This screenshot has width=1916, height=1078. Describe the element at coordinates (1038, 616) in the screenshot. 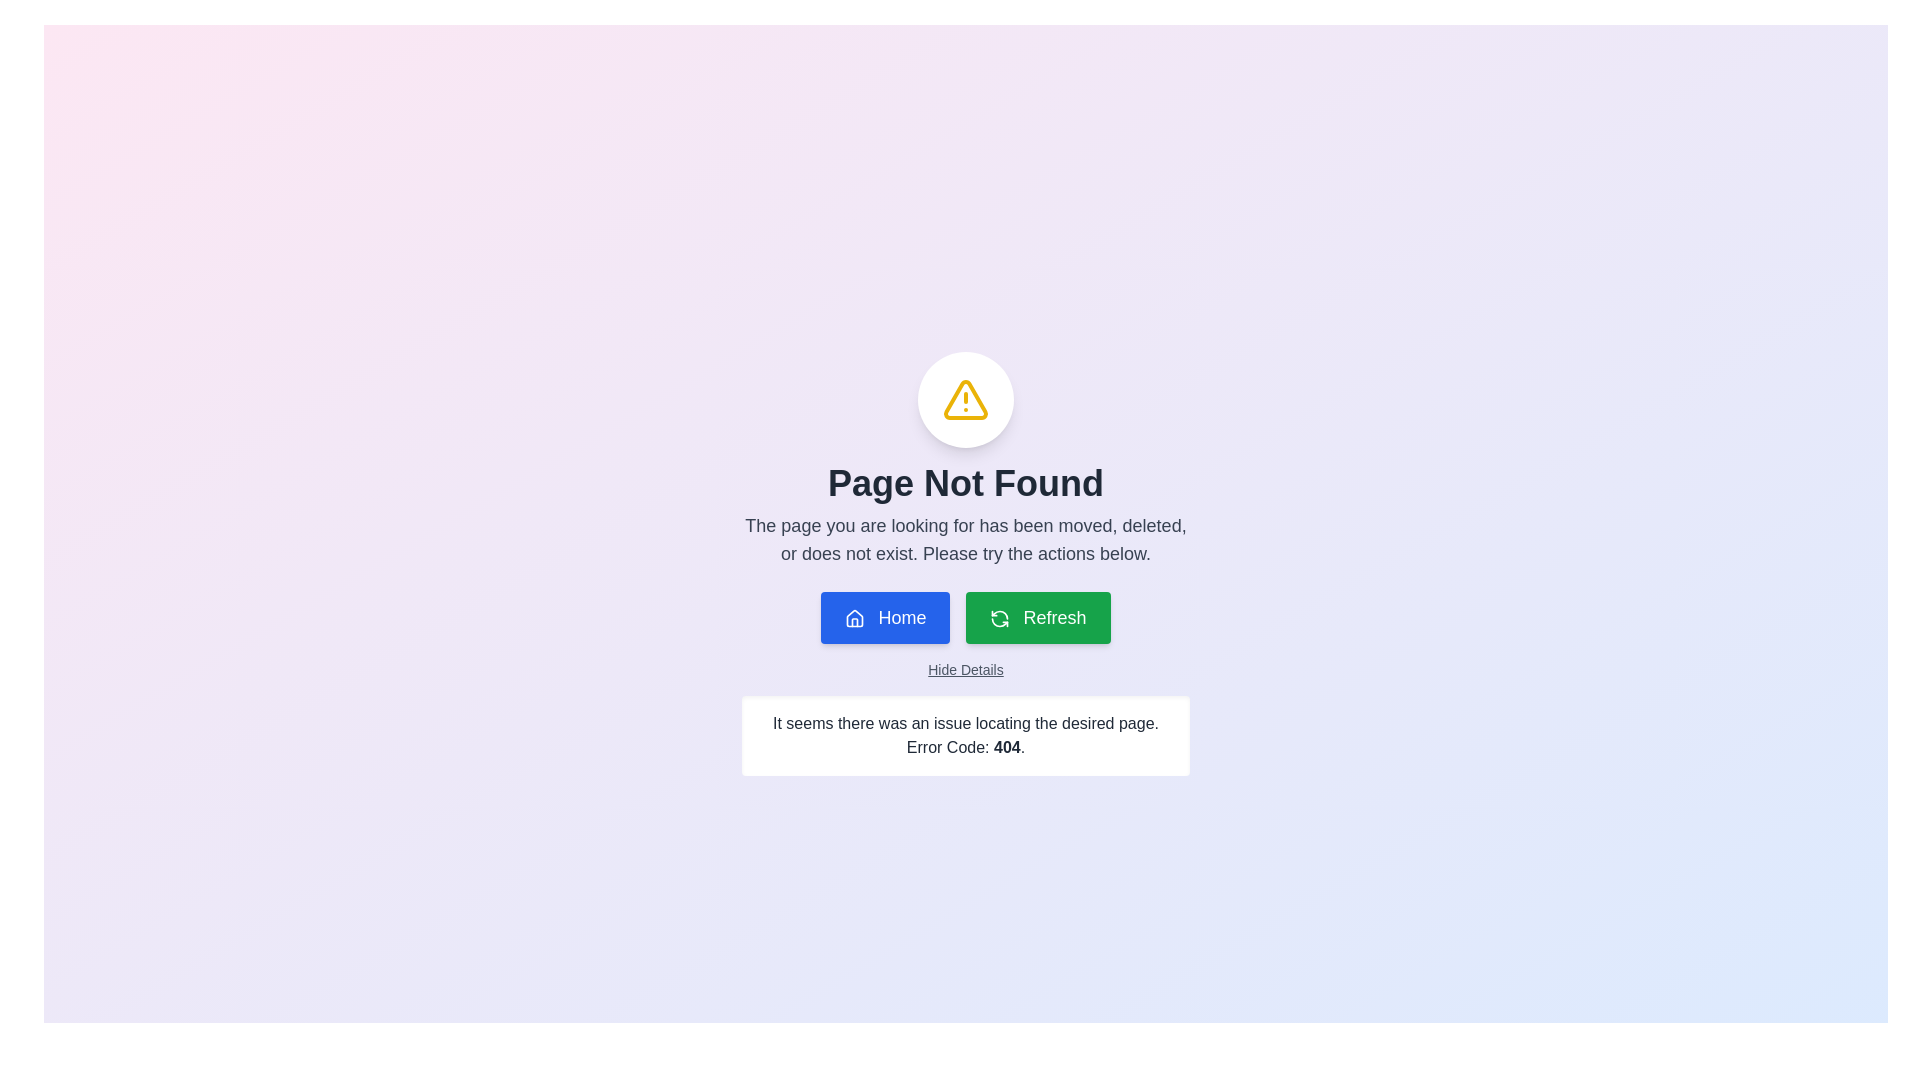

I see `the reload button located in the button group, which follows the 'Home' button with a blue background` at that location.